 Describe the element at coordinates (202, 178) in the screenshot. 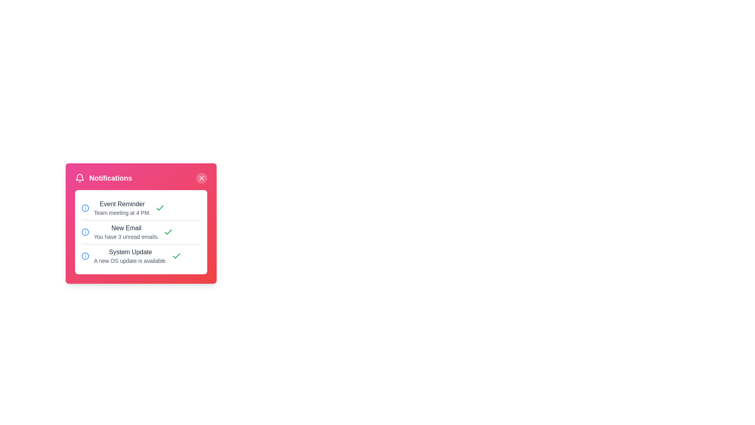

I see `the close icon located at the top-right corner of the notification card, which is represented as a vector graphic within a circular button` at that location.